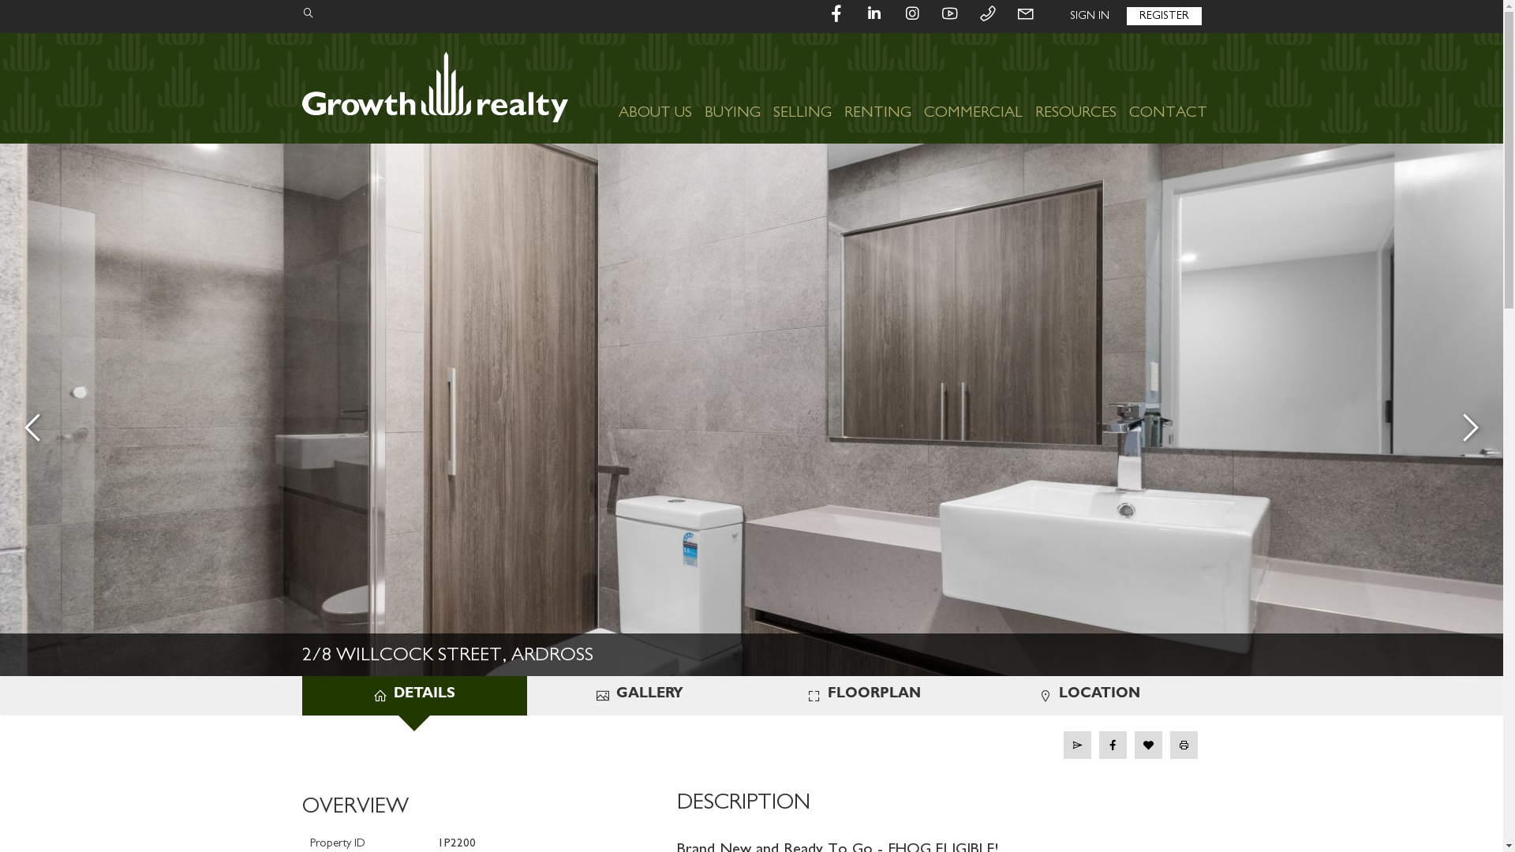 Image resolution: width=1515 pixels, height=852 pixels. What do you see at coordinates (639, 695) in the screenshot?
I see `'GALLERY'` at bounding box center [639, 695].